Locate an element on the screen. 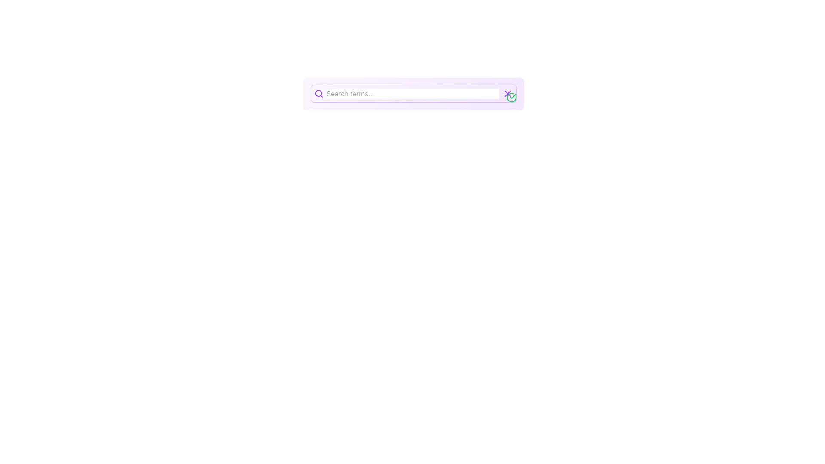 The width and height of the screenshot is (825, 464). the checkmark icon within the circular green outlined icon located at the bottom-right corner of the search bar is located at coordinates (513, 96).